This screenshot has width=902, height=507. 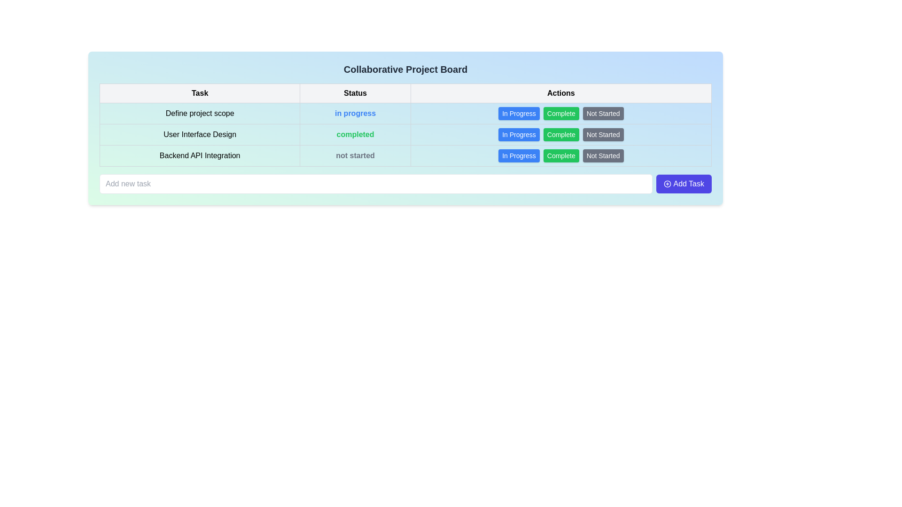 What do you see at coordinates (561, 155) in the screenshot?
I see `the grouped buttons for task status ('In Progress', 'Complete', 'Not Started') located in the 'Actions' column of the 'Backend API Integration' row for keyboard navigation` at bounding box center [561, 155].